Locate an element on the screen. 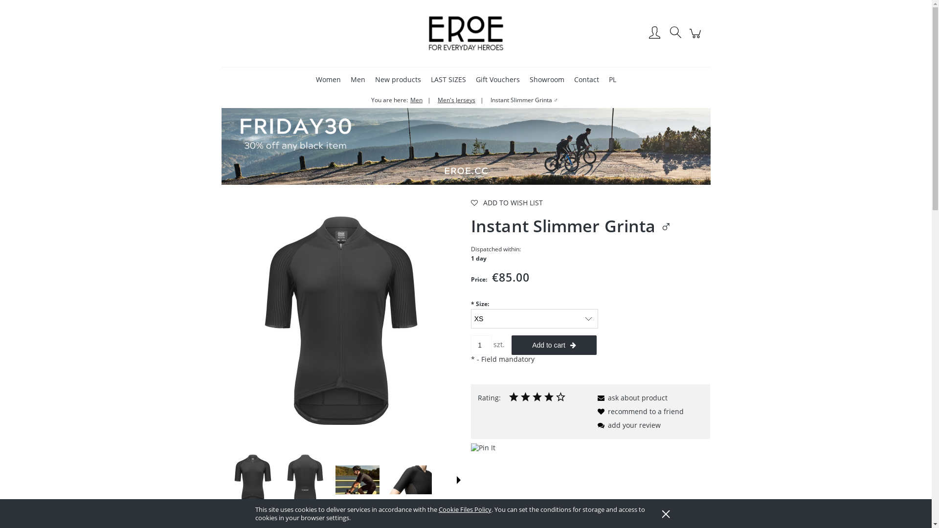 This screenshot has width=939, height=528. 'Gift Vouchers' is located at coordinates (497, 79).